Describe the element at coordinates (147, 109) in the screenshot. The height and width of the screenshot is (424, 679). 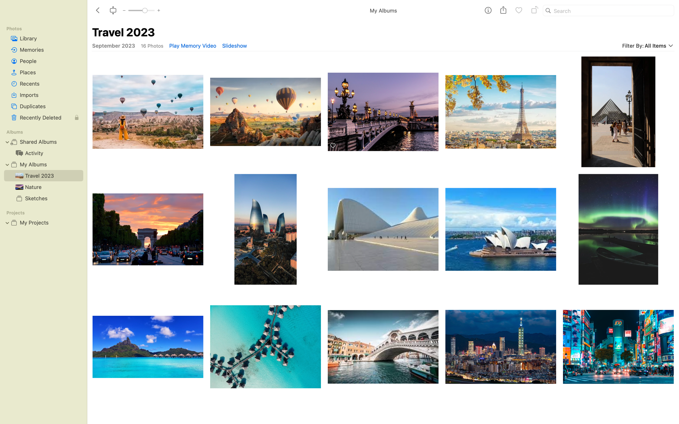
I see `the initial photo with hot air balloons` at that location.